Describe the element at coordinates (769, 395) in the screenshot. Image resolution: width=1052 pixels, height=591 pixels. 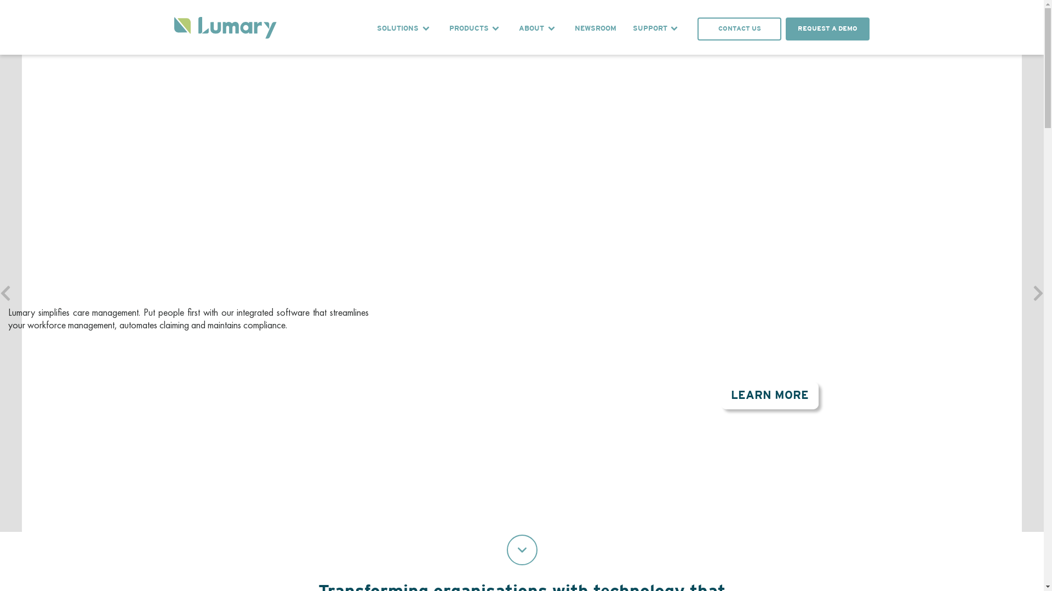
I see `'LEARN MORE'` at that location.